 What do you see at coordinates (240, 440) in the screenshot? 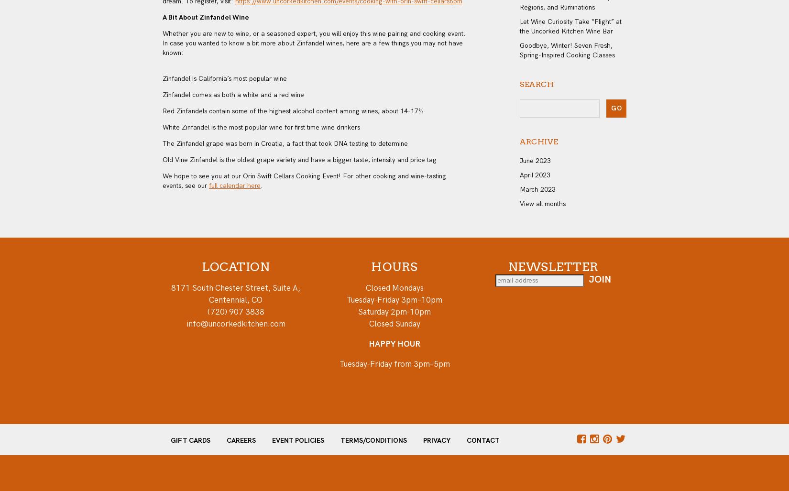
I see `'Careers'` at bounding box center [240, 440].